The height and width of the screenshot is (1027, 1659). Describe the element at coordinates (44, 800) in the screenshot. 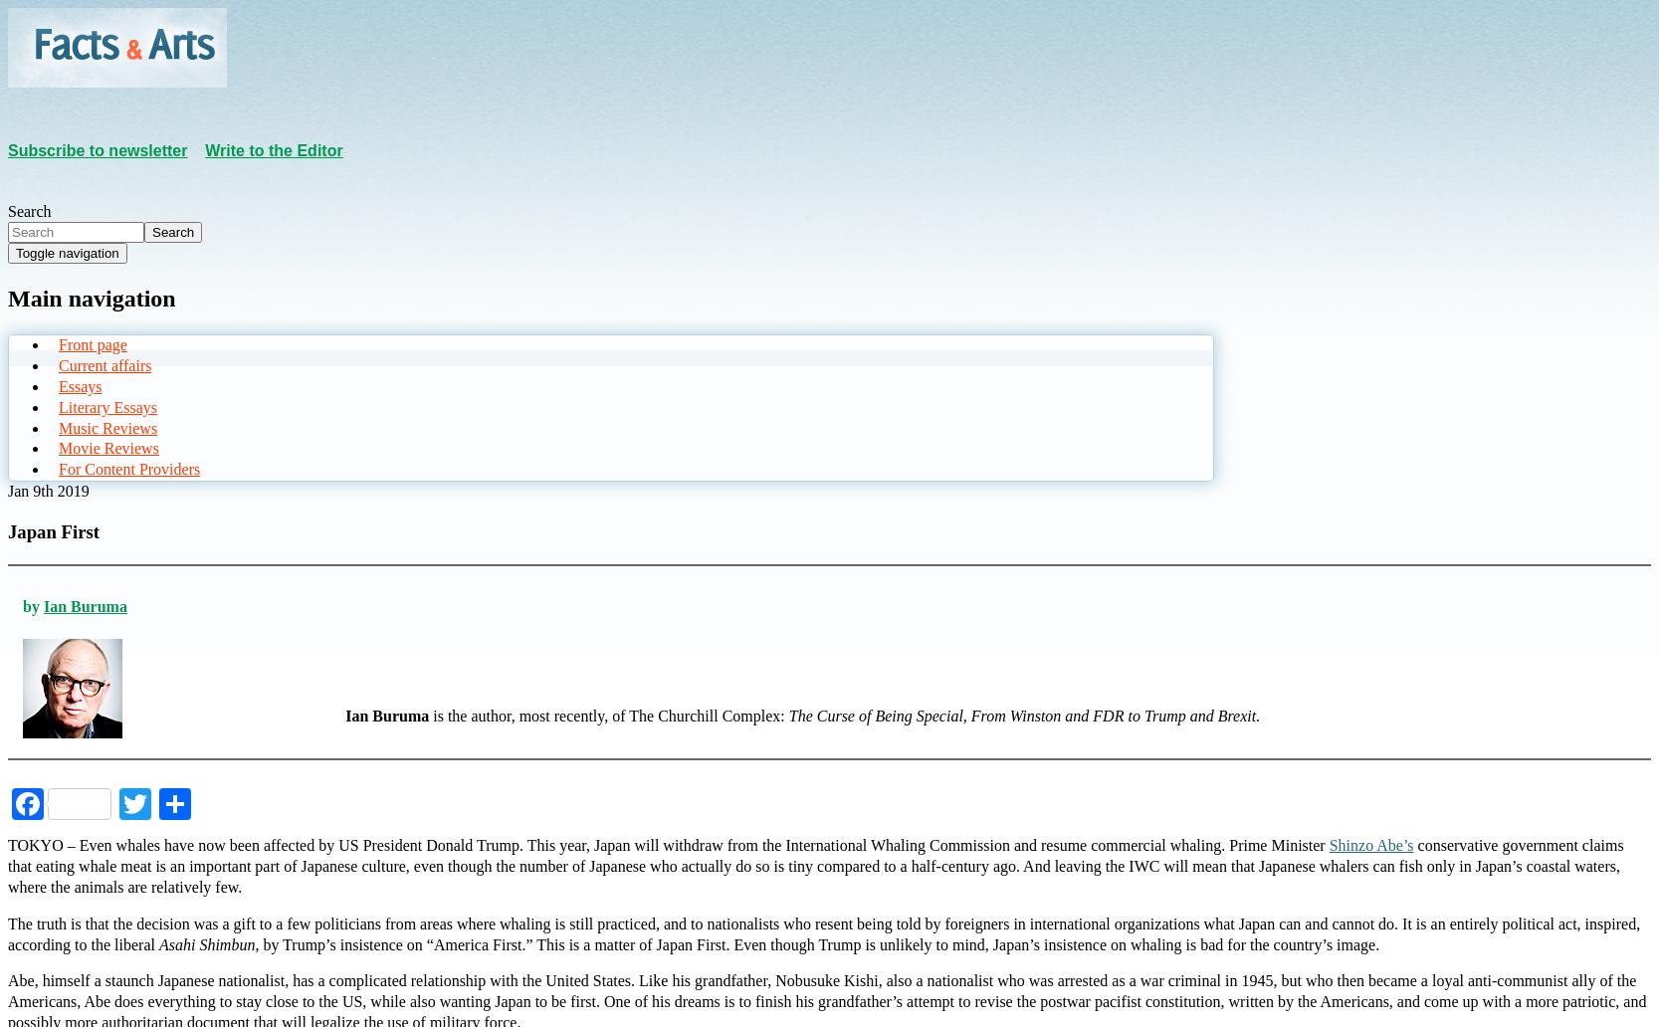

I see `'Facebook'` at that location.